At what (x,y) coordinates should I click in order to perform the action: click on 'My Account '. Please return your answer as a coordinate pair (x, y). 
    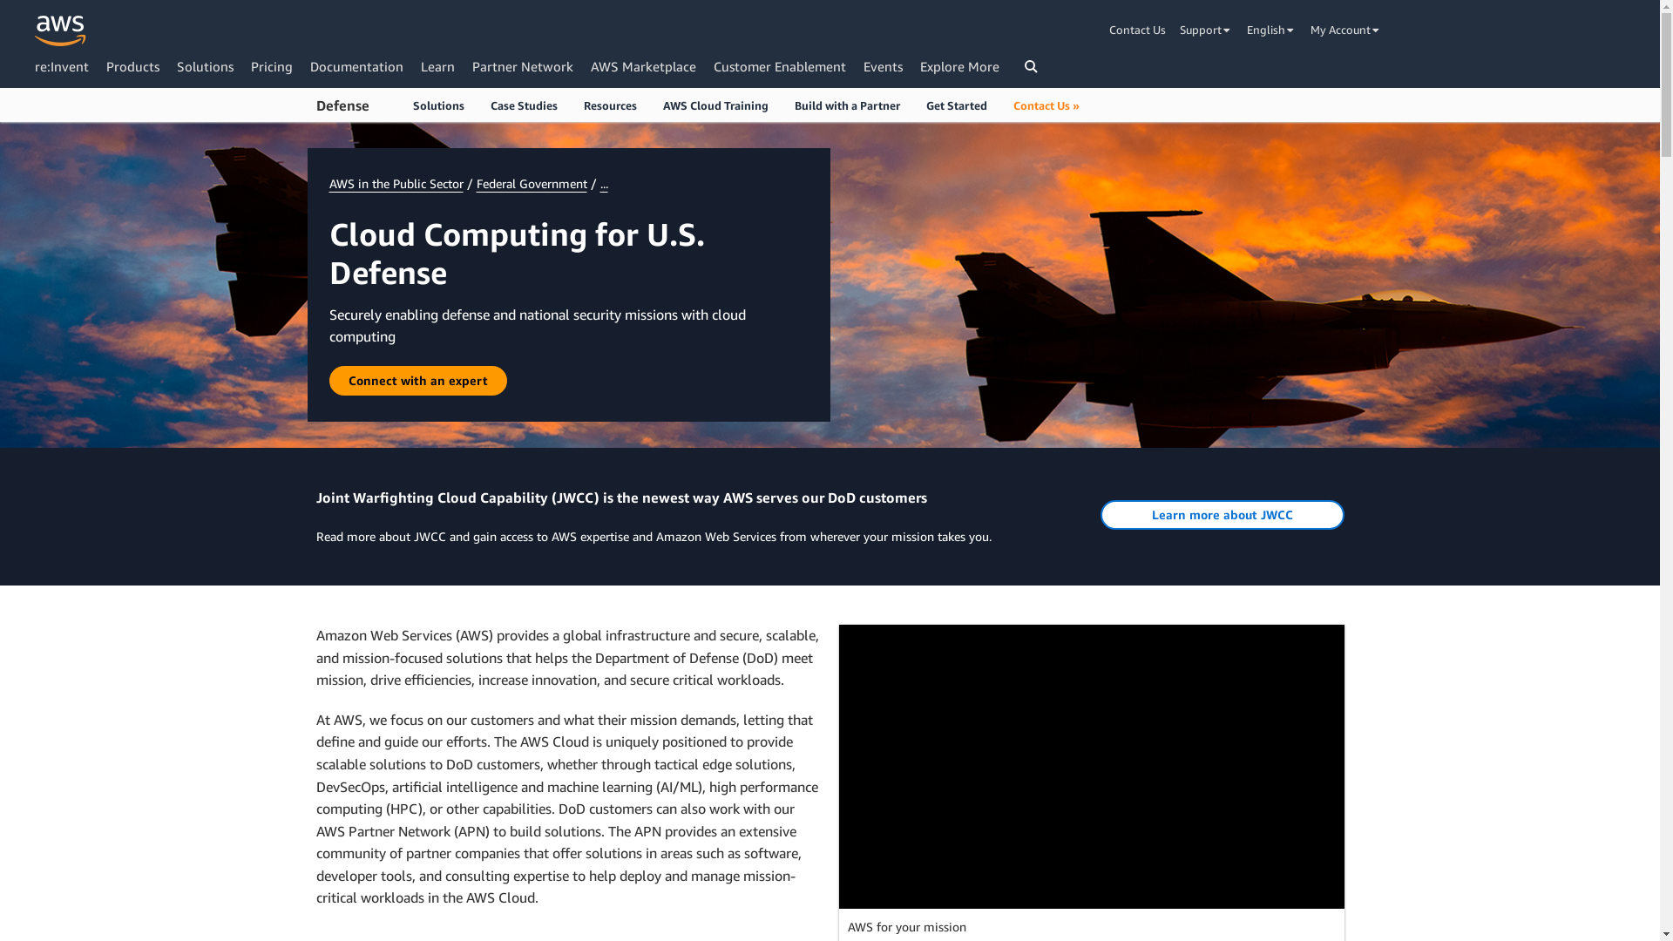
    Looking at the image, I should click on (1345, 30).